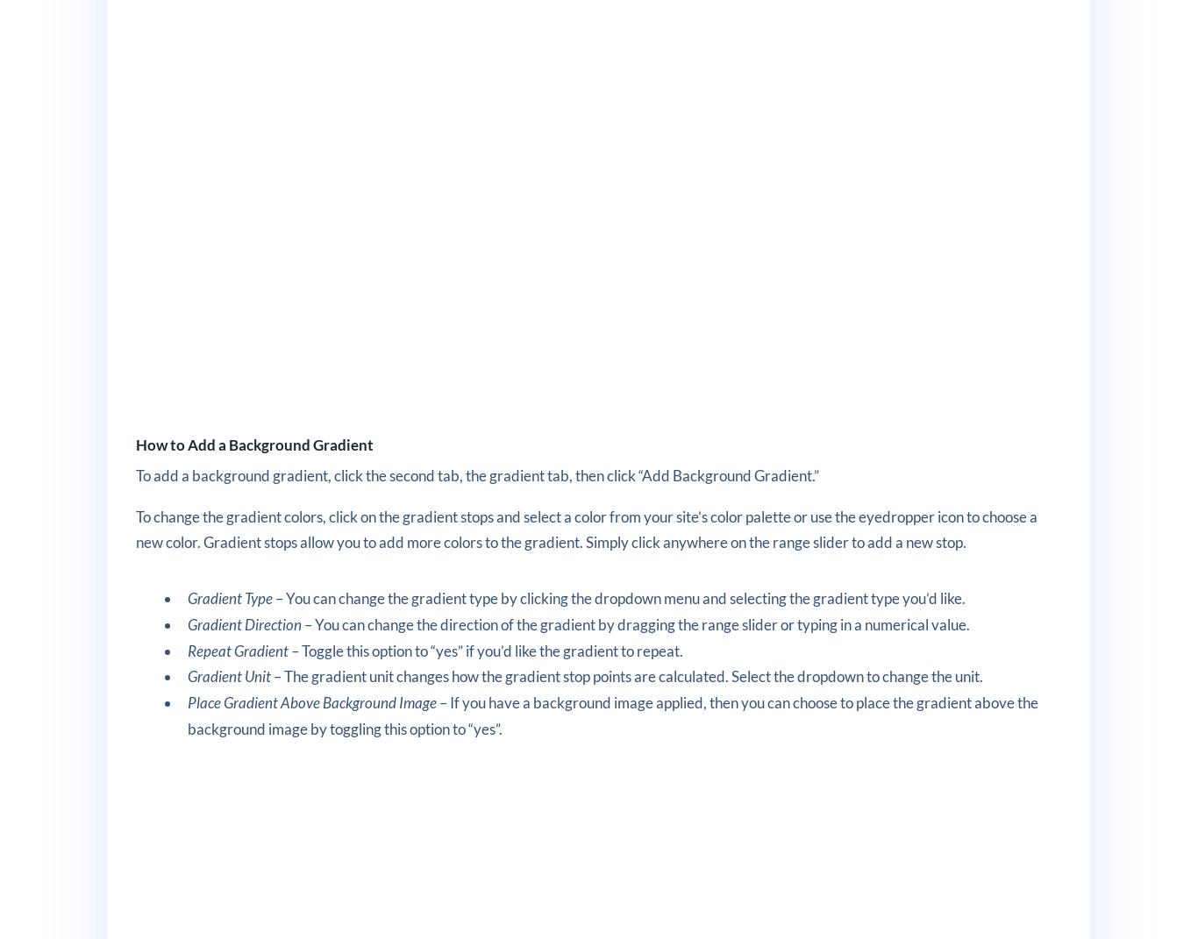 The height and width of the screenshot is (939, 1198). What do you see at coordinates (612, 714) in the screenshot?
I see `'– If you have a background image applied, then you can choose to place the gradient above the background image by toggling this option to “yes”.'` at bounding box center [612, 714].